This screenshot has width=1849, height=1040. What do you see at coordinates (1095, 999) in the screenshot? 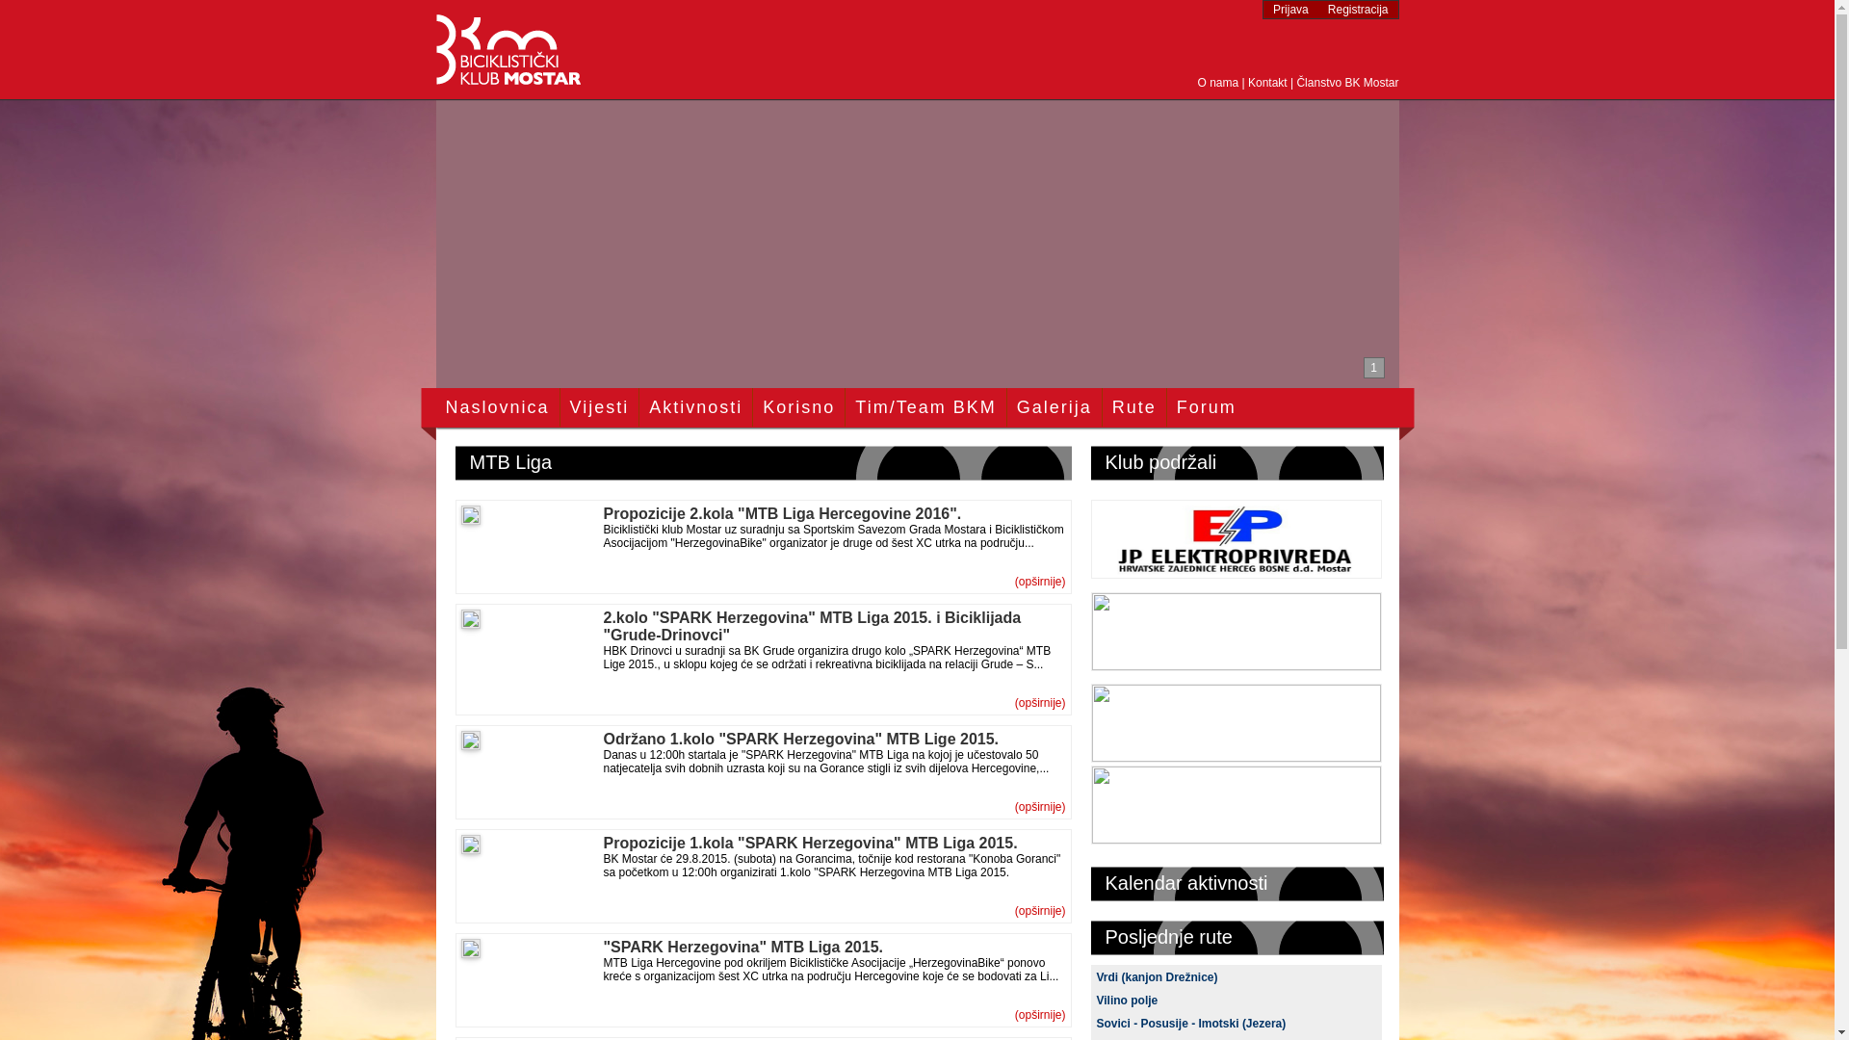
I see `'Vilino polje'` at bounding box center [1095, 999].